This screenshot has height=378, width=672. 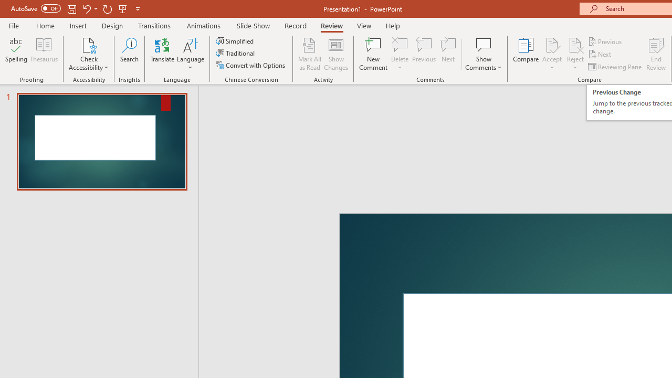 I want to click on 'Thesaurus...', so click(x=43, y=54).